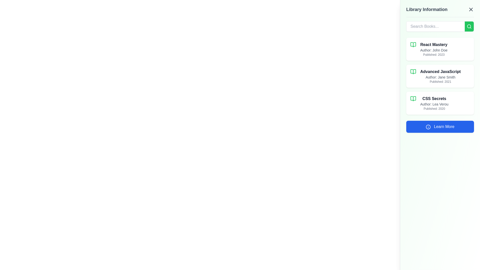 This screenshot has width=480, height=270. Describe the element at coordinates (434, 103) in the screenshot. I see `the informational block displaying details about a book, including its title, author, and publication year, located in the Library Information panel` at that location.